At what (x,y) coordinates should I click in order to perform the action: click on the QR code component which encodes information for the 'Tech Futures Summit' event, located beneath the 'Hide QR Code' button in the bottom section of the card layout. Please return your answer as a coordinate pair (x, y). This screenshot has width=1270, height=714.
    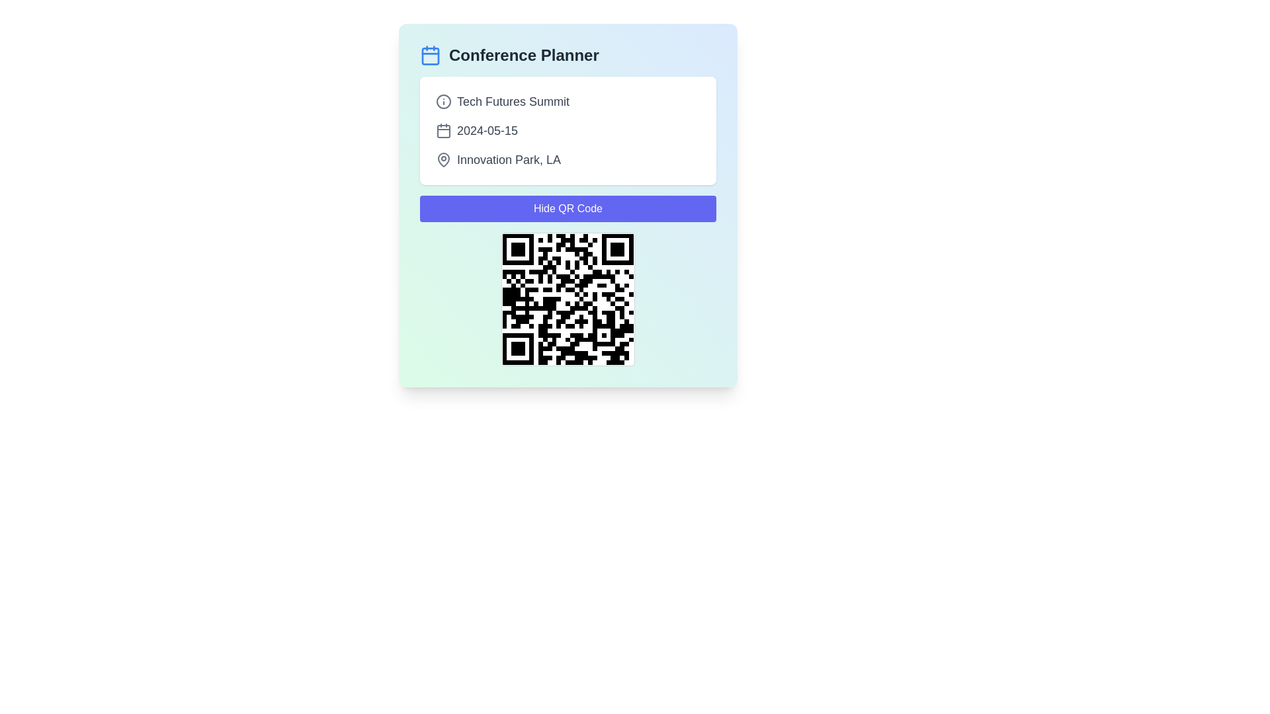
    Looking at the image, I should click on (568, 299).